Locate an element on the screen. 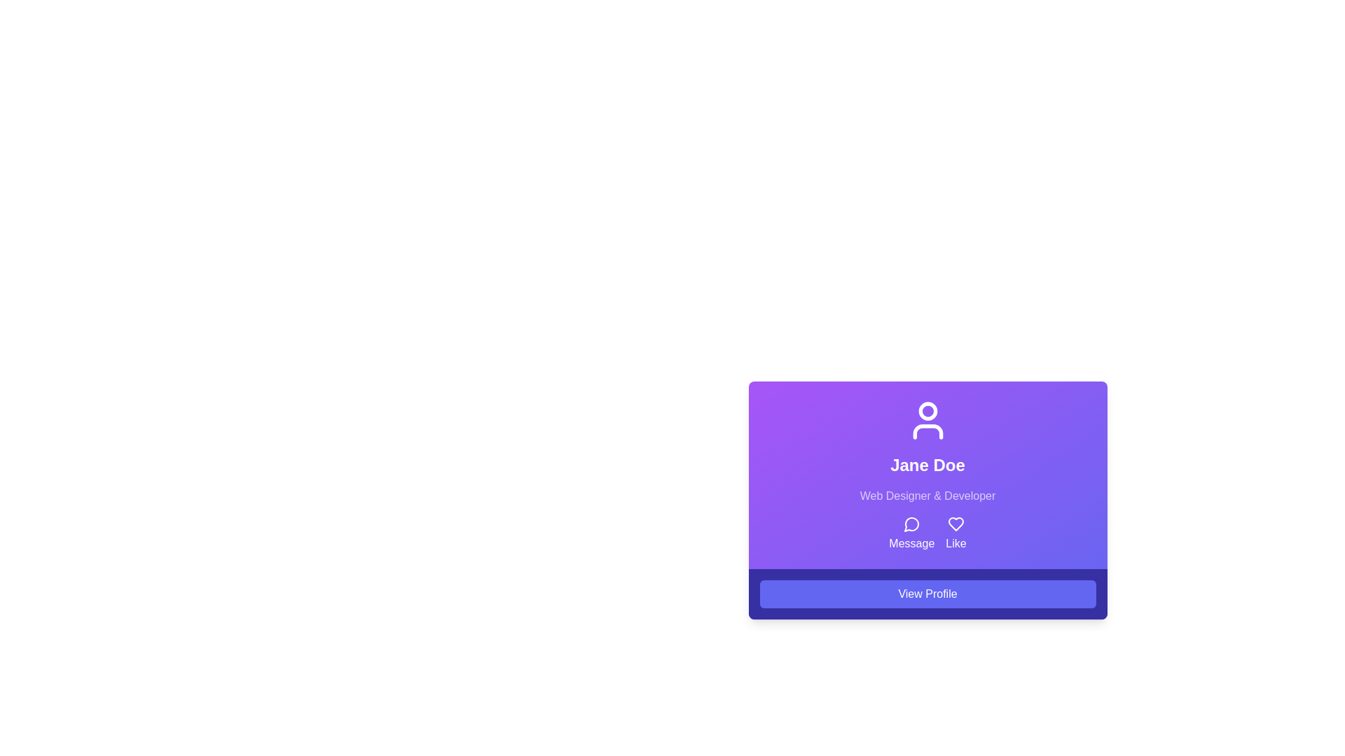  the 'Message' button, which features a speech bubble icon and is located below 'Jane Doe' and to the left of the 'Like' button is located at coordinates (911, 534).